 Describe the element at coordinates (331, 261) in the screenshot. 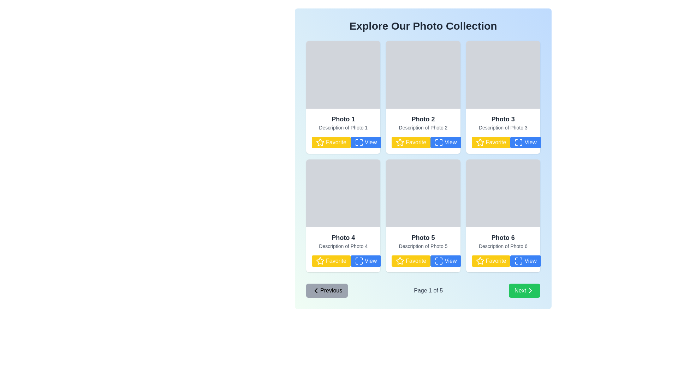

I see `the 'Favorite' button with a yellow background and white text, located in the Photo 4 card to observe the hover effect` at that location.